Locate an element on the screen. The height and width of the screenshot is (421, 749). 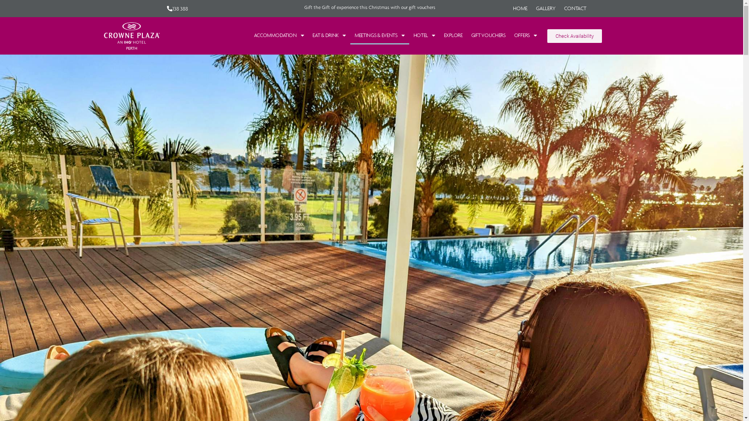
'ACCOMMODATION' is located at coordinates (279, 35).